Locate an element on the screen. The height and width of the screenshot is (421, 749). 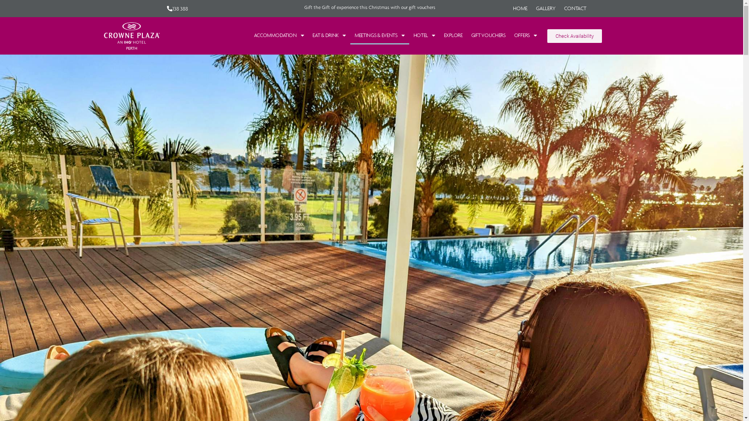
'ACCOMMODATION' is located at coordinates (279, 35).